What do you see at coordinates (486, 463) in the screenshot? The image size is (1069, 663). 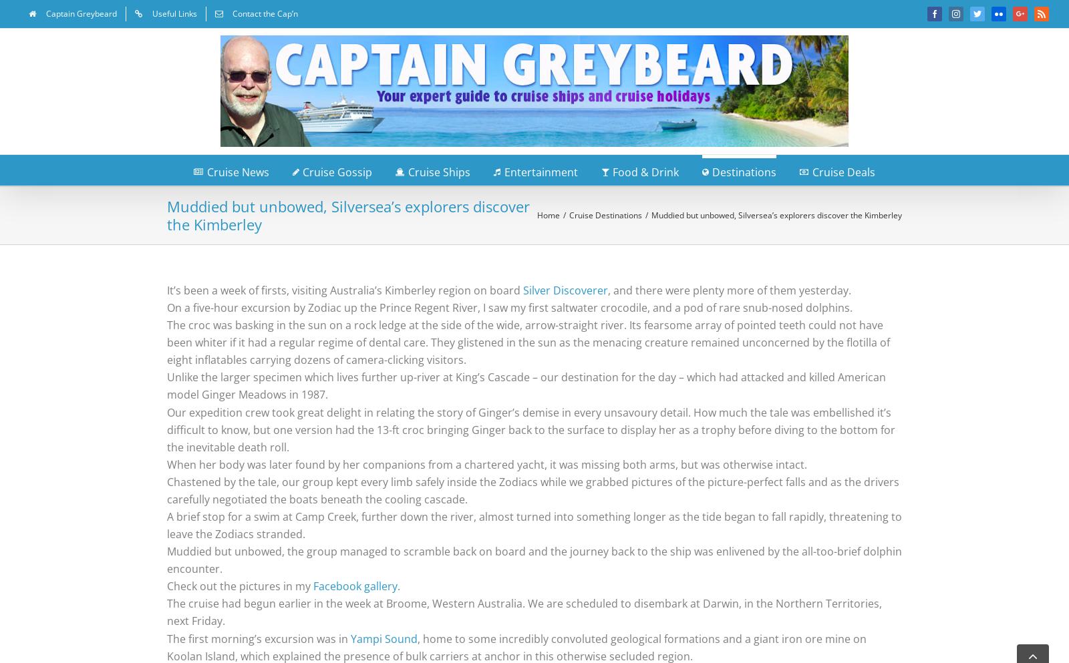 I see `'When her body was later found by her companions from a chartered yacht, it was missing both arms, but was otherwise intact.'` at bounding box center [486, 463].